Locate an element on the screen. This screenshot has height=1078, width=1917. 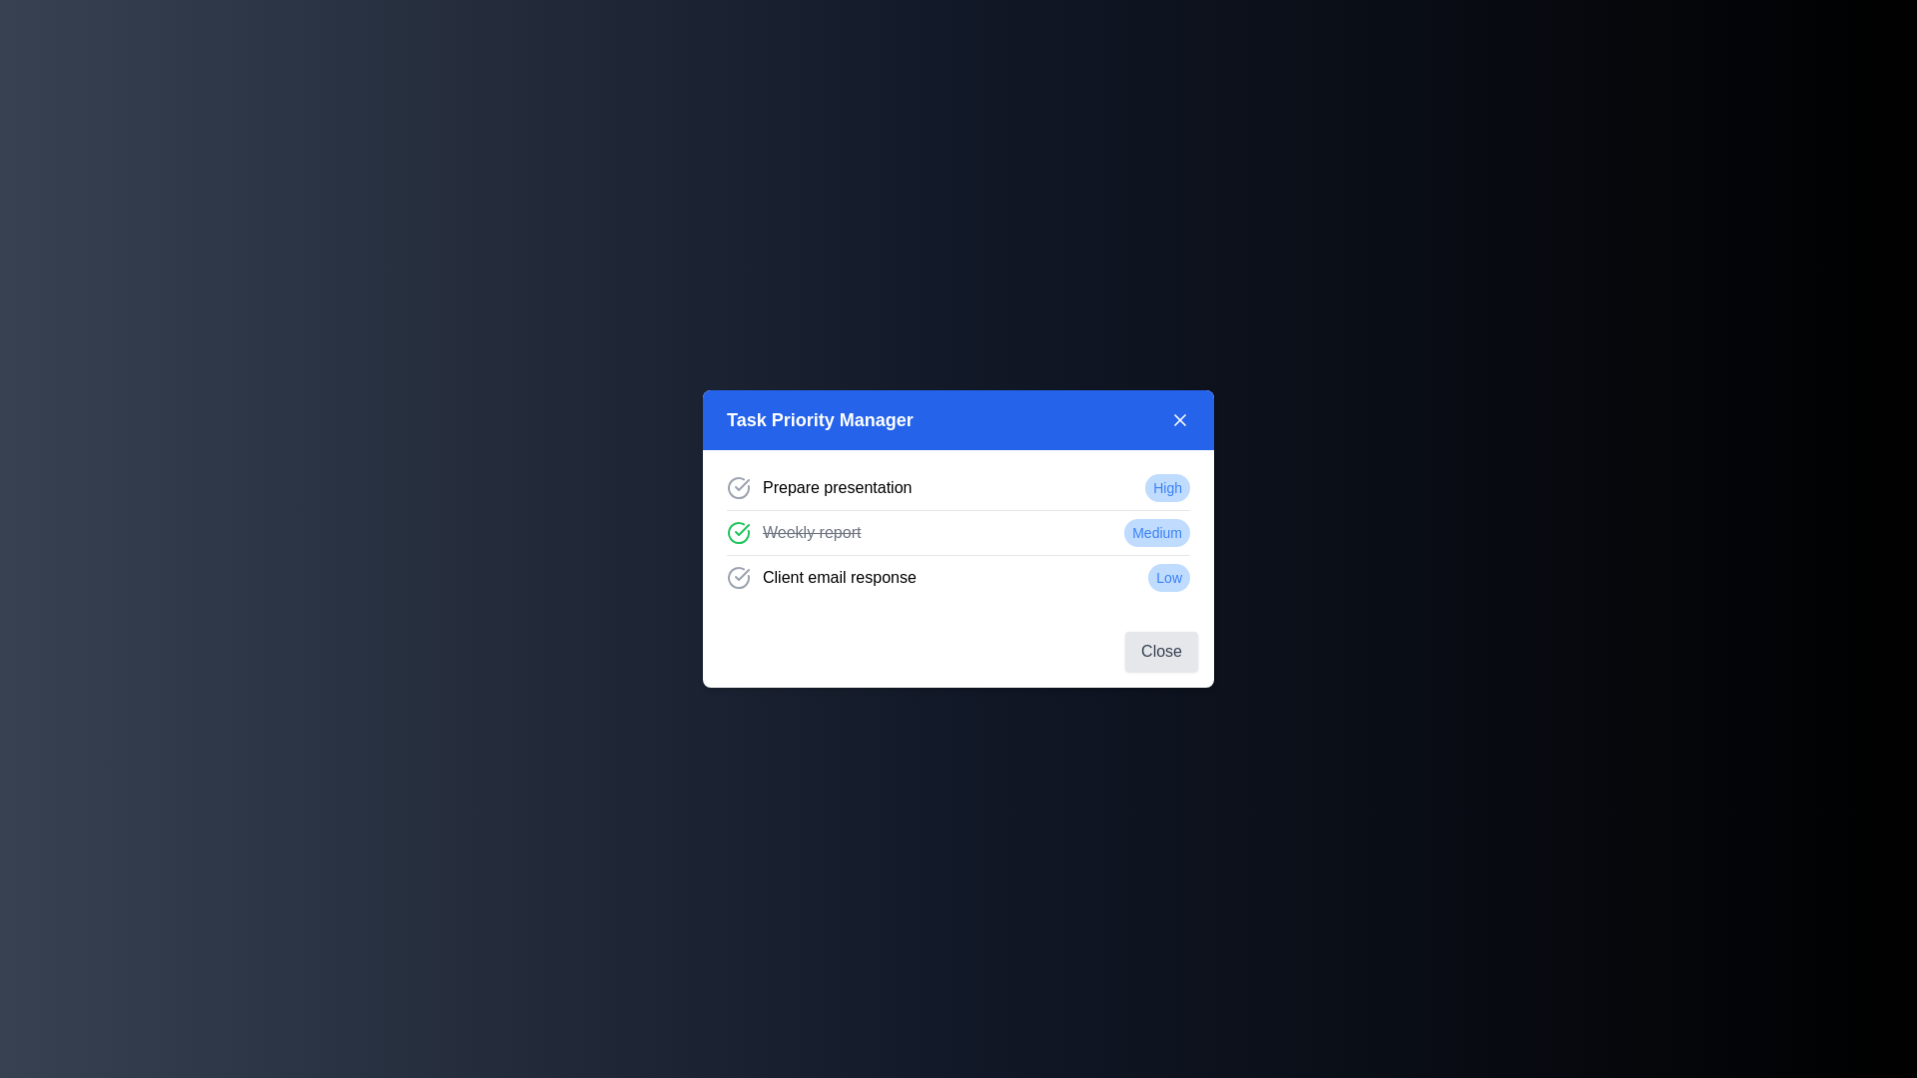
the badge indicating the priority level for the 'Weekly report' task, located on the right-hand side of its row is located at coordinates (1157, 531).